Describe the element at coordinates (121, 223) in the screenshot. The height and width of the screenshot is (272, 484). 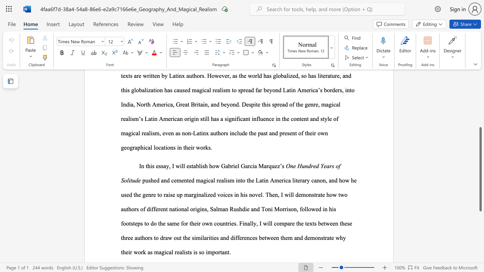
I see `the subset text "foot" within the text "followed in his footsteps"` at that location.